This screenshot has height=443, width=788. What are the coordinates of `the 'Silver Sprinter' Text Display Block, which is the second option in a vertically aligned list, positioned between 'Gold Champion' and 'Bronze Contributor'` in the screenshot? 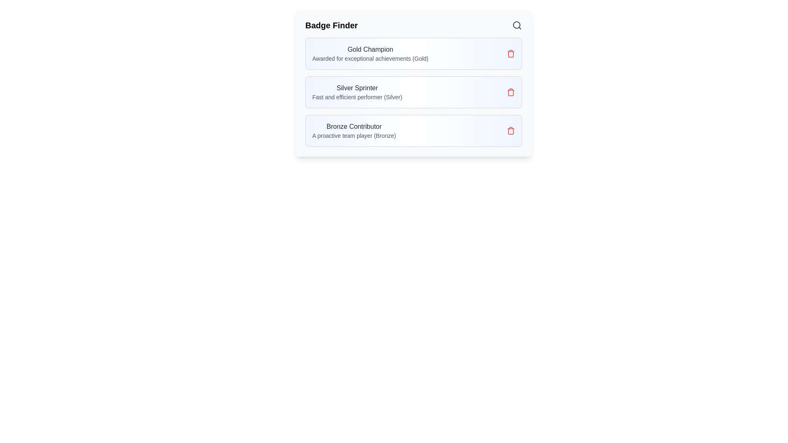 It's located at (357, 92).